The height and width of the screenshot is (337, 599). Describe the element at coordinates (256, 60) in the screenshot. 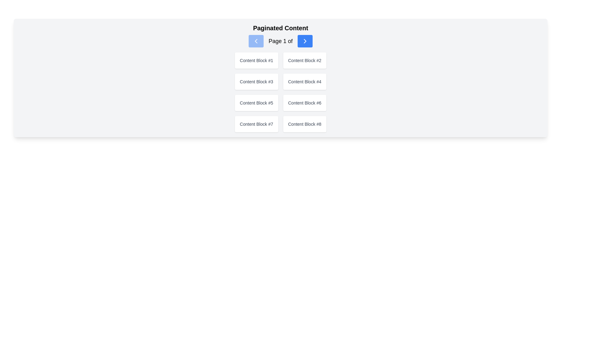

I see `the Informational block (non-interactive) containing the text 'Content Block #1' with a white background and subtle rounded corners` at that location.